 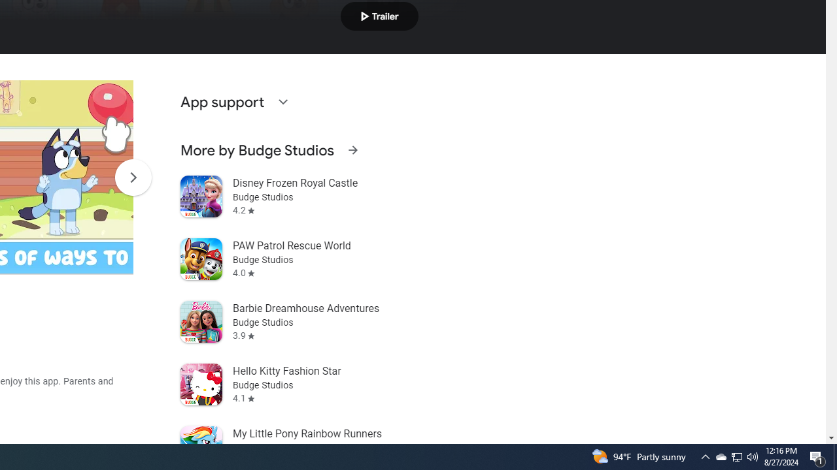 I want to click on 'Expand', so click(x=282, y=101).